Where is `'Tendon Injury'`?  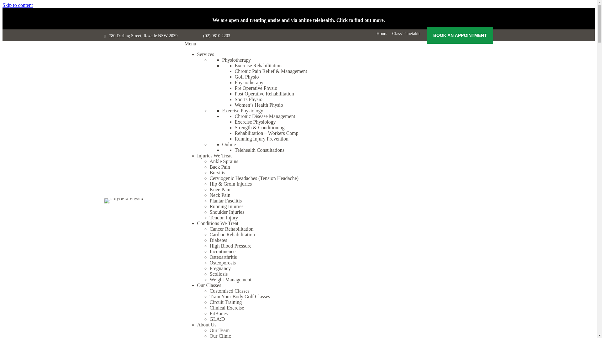 'Tendon Injury' is located at coordinates (224, 217).